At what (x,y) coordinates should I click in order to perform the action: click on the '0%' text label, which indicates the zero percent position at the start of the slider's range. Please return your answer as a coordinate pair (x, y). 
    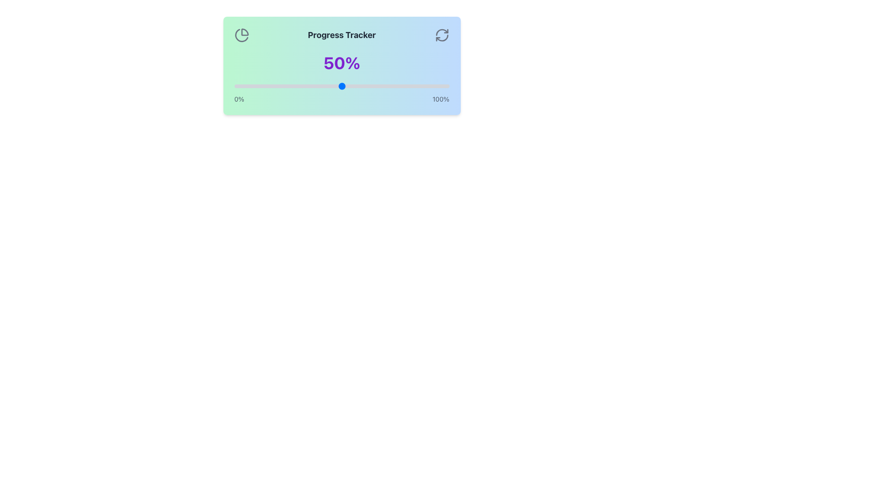
    Looking at the image, I should click on (239, 99).